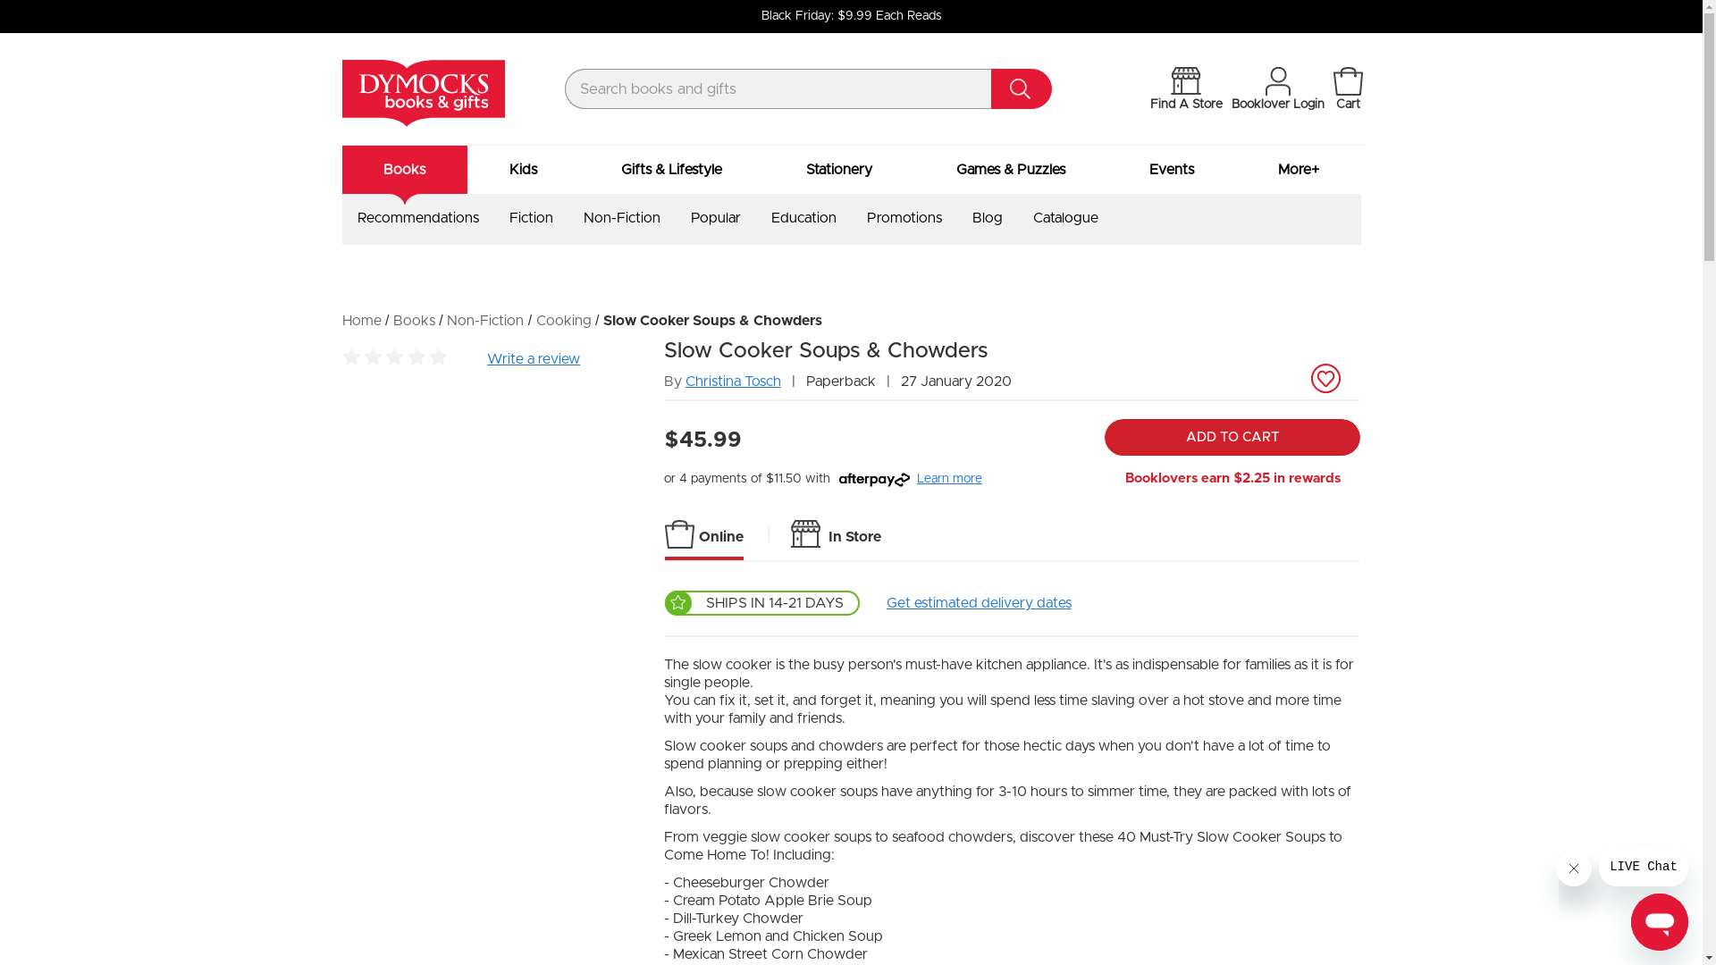 The height and width of the screenshot is (965, 1716). What do you see at coordinates (1643, 865) in the screenshot?
I see `'Message from company'` at bounding box center [1643, 865].